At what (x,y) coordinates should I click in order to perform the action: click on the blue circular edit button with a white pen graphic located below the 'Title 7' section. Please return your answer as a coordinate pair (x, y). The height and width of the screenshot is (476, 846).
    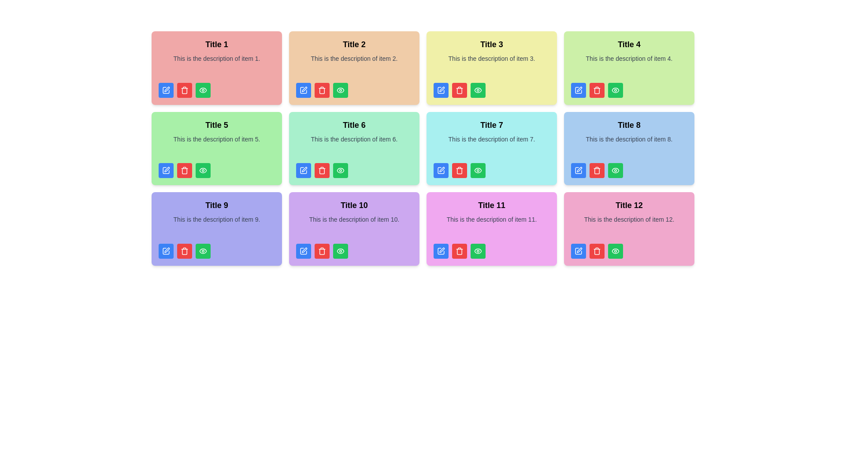
    Looking at the image, I should click on (441, 170).